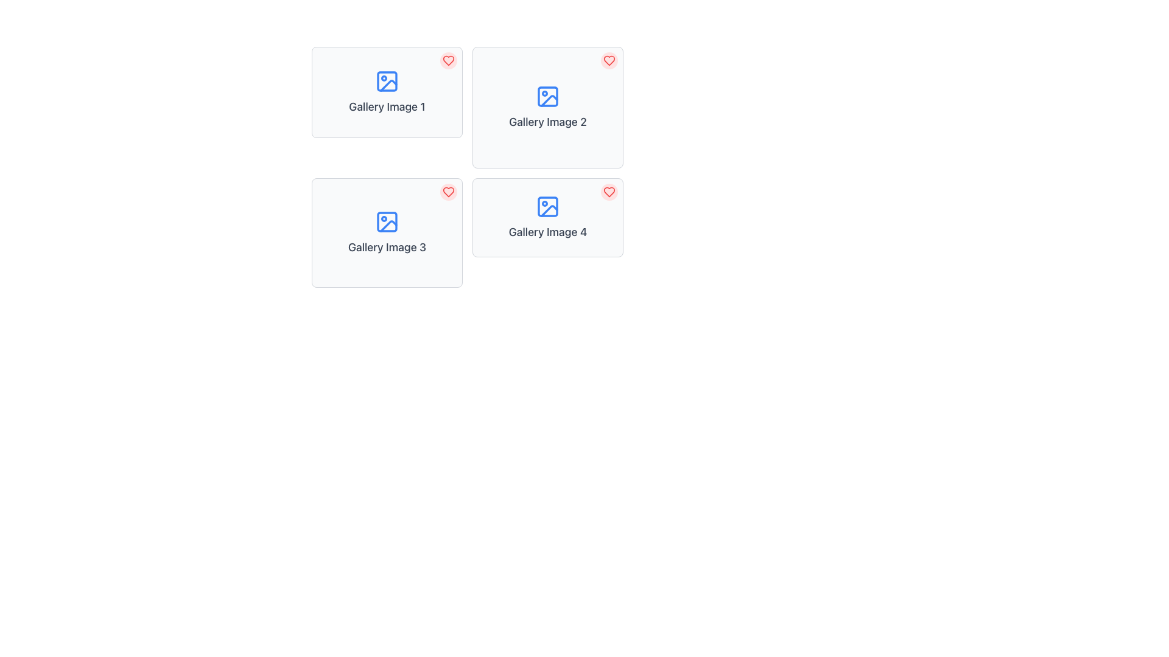 This screenshot has width=1169, height=657. Describe the element at coordinates (547, 96) in the screenshot. I see `the icon with a blue hue that has a rectangular outline and a circular marking inside, located centrally within the grid card titled 'Gallery Image 2'` at that location.